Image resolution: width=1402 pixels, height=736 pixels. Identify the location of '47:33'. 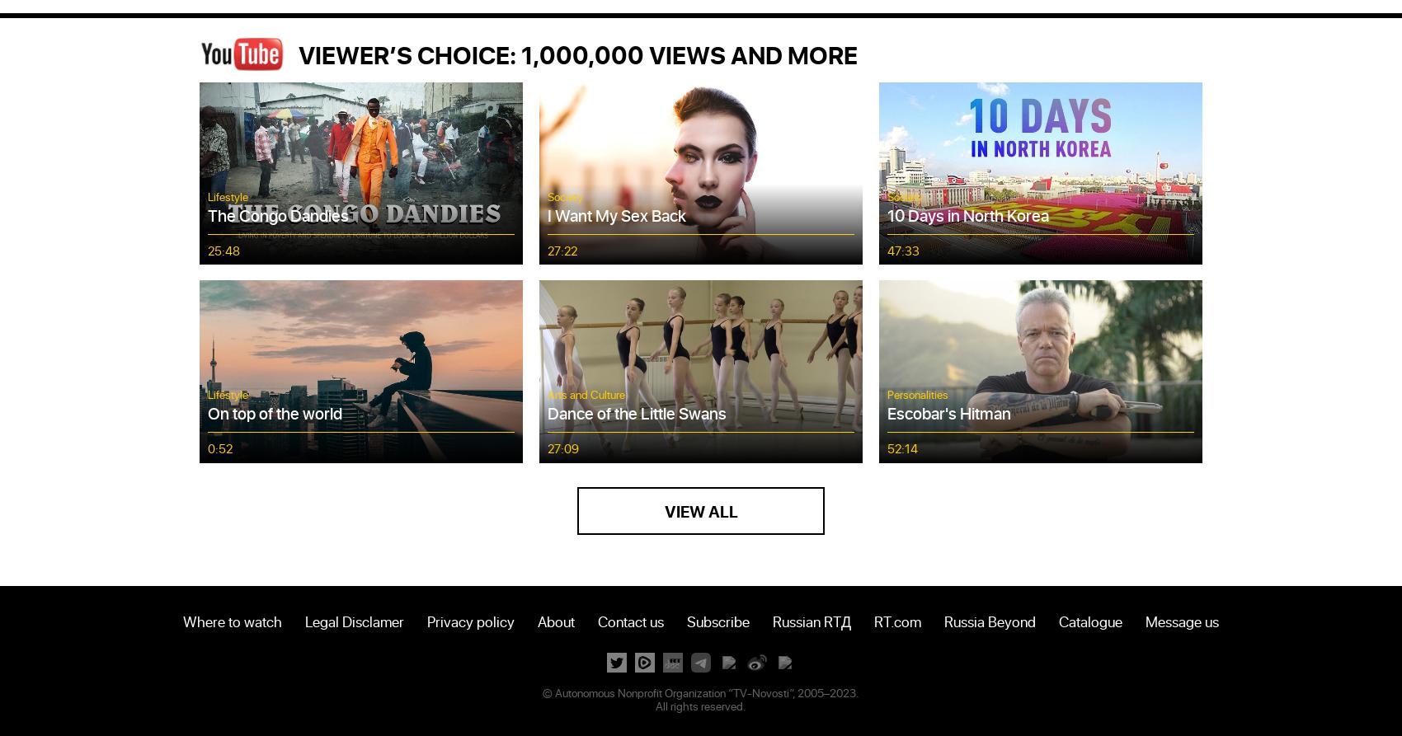
(902, 249).